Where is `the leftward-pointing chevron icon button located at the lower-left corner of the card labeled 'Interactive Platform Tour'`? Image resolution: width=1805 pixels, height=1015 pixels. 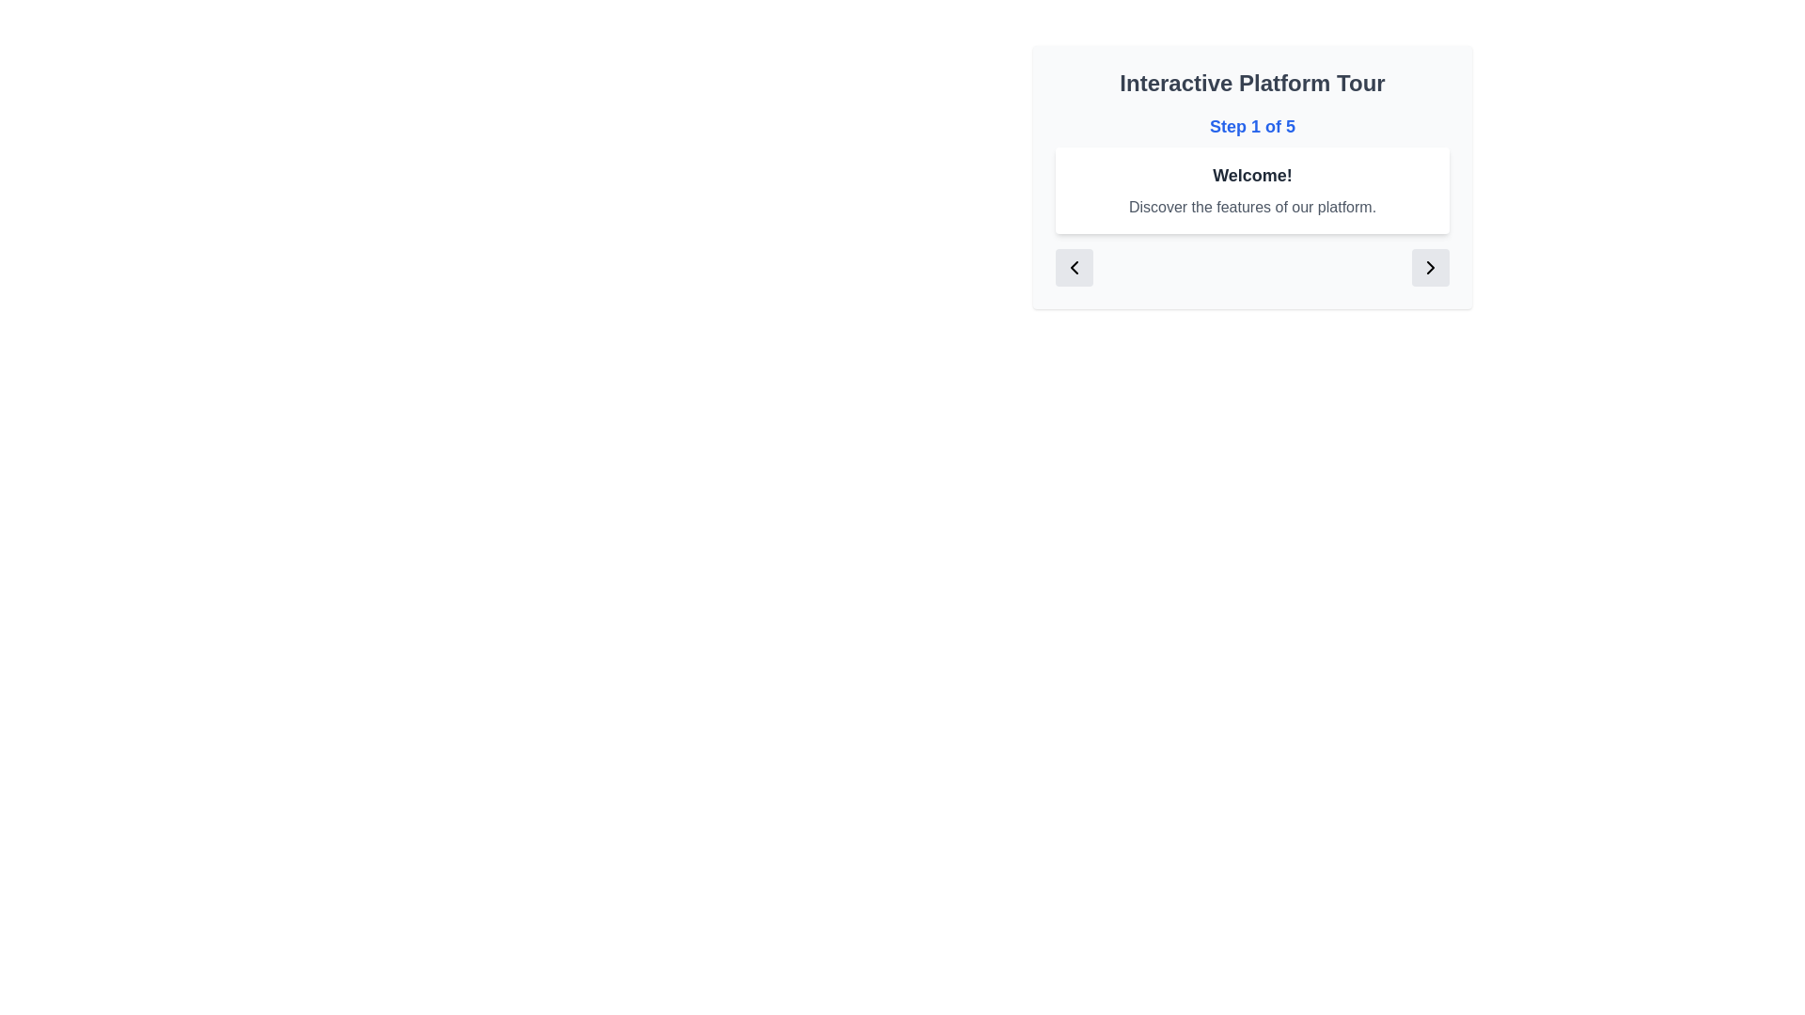 the leftward-pointing chevron icon button located at the lower-left corner of the card labeled 'Interactive Platform Tour' is located at coordinates (1074, 268).